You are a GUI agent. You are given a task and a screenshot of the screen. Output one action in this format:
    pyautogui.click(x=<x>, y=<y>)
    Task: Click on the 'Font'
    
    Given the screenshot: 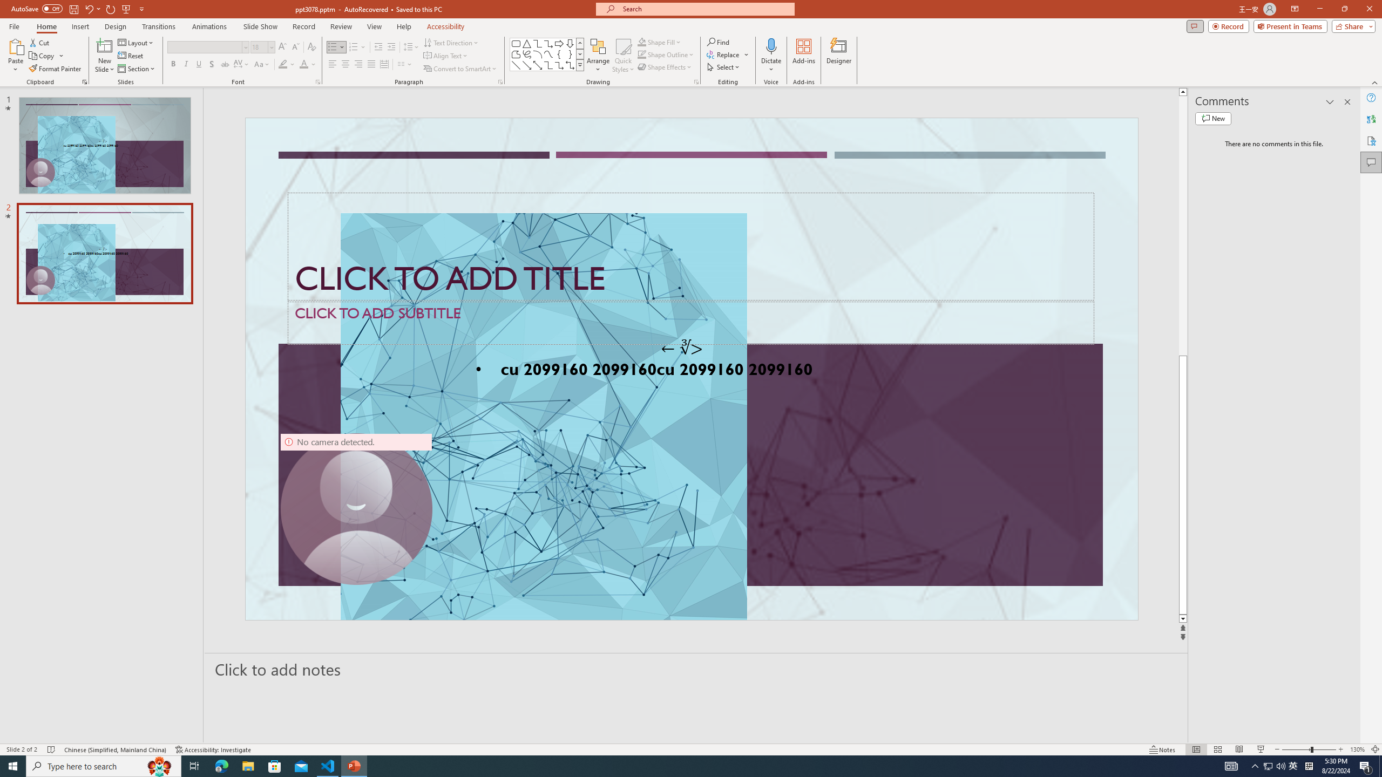 What is the action you would take?
    pyautogui.click(x=207, y=47)
    